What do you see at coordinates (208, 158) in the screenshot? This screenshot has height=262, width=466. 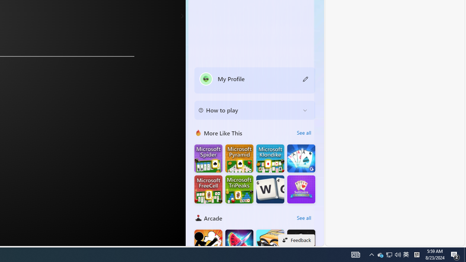 I see `'Microsoft Spider Solitaire'` at bounding box center [208, 158].